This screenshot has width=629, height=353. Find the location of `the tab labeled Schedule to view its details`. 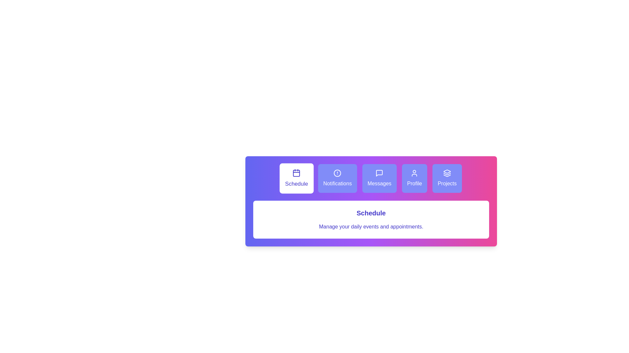

the tab labeled Schedule to view its details is located at coordinates (296, 178).